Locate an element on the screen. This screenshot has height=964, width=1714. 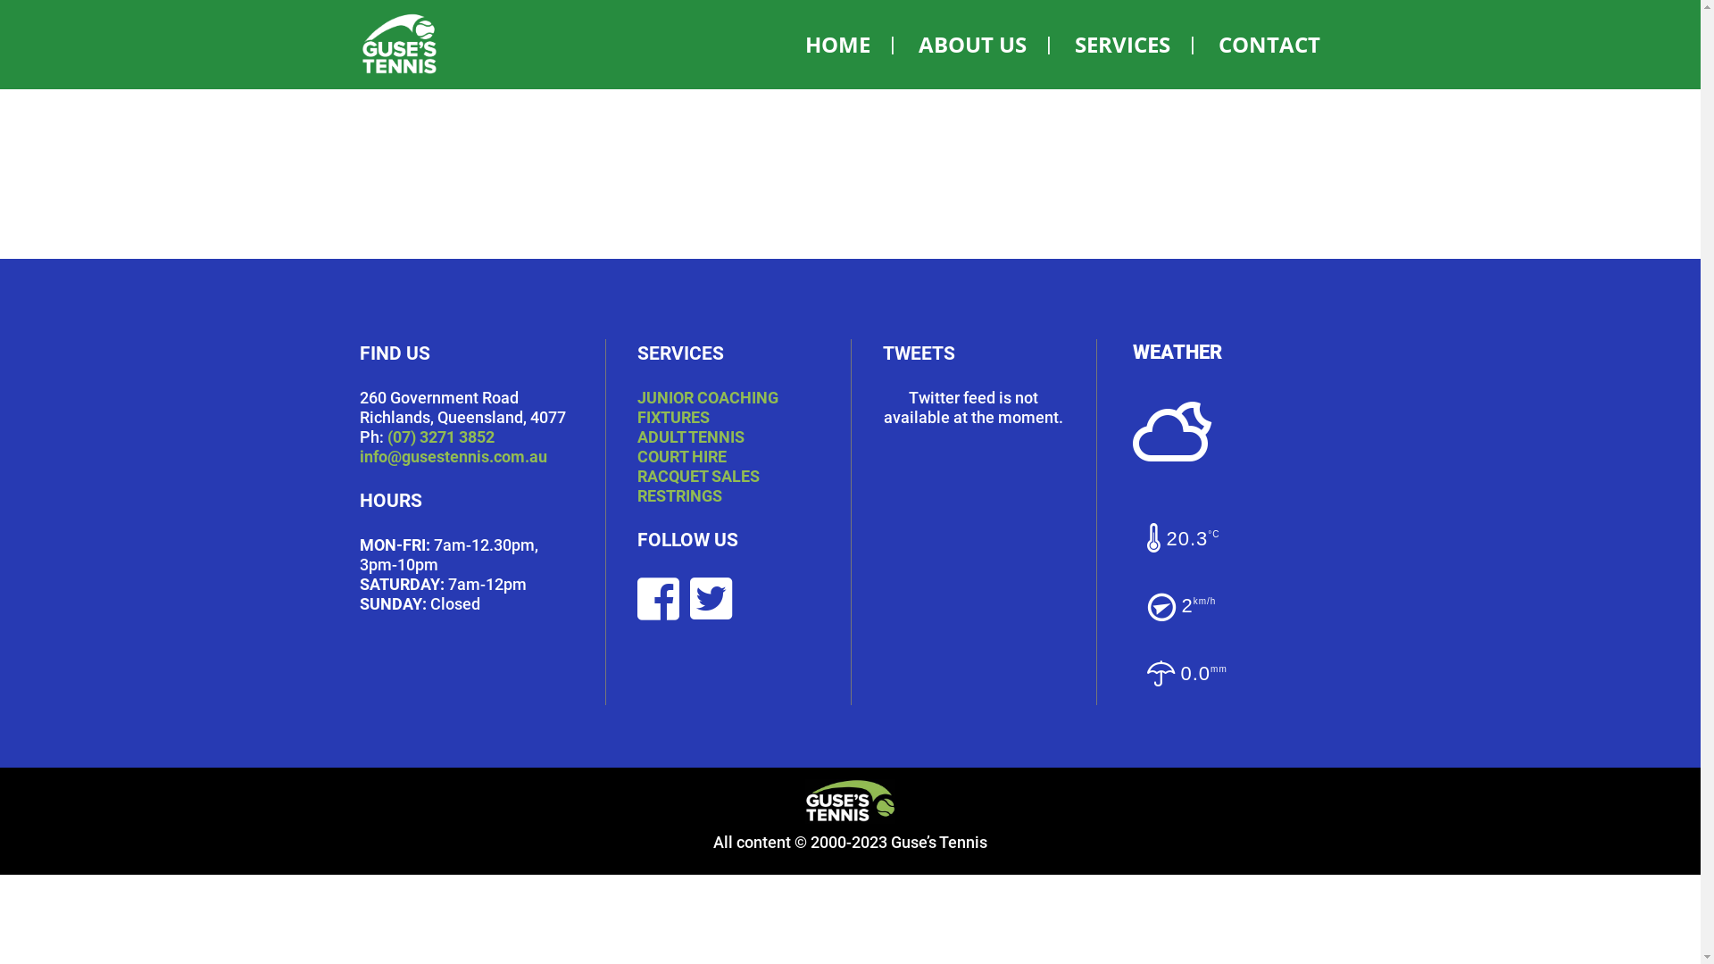
'RESTRINGS' is located at coordinates (678, 495).